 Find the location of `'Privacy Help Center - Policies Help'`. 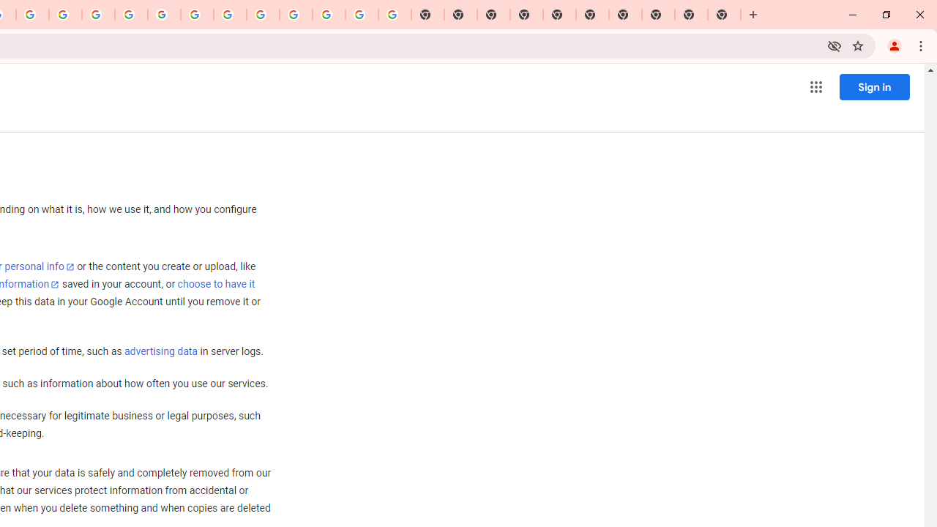

'Privacy Help Center - Policies Help' is located at coordinates (64, 15).